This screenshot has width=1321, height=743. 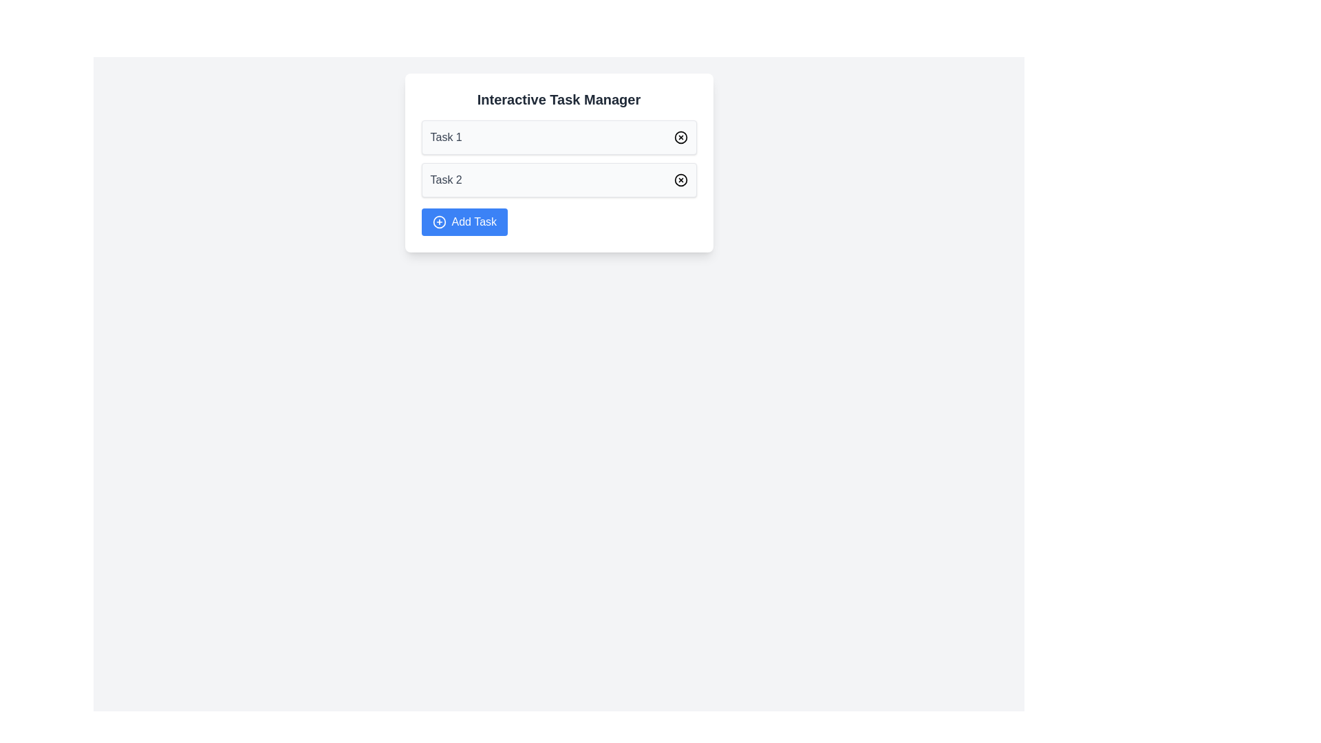 I want to click on the blue 'Add Task' button with white text and a plus sign icon located at the bottom of the 'Interactive Task Manager' card, so click(x=464, y=222).